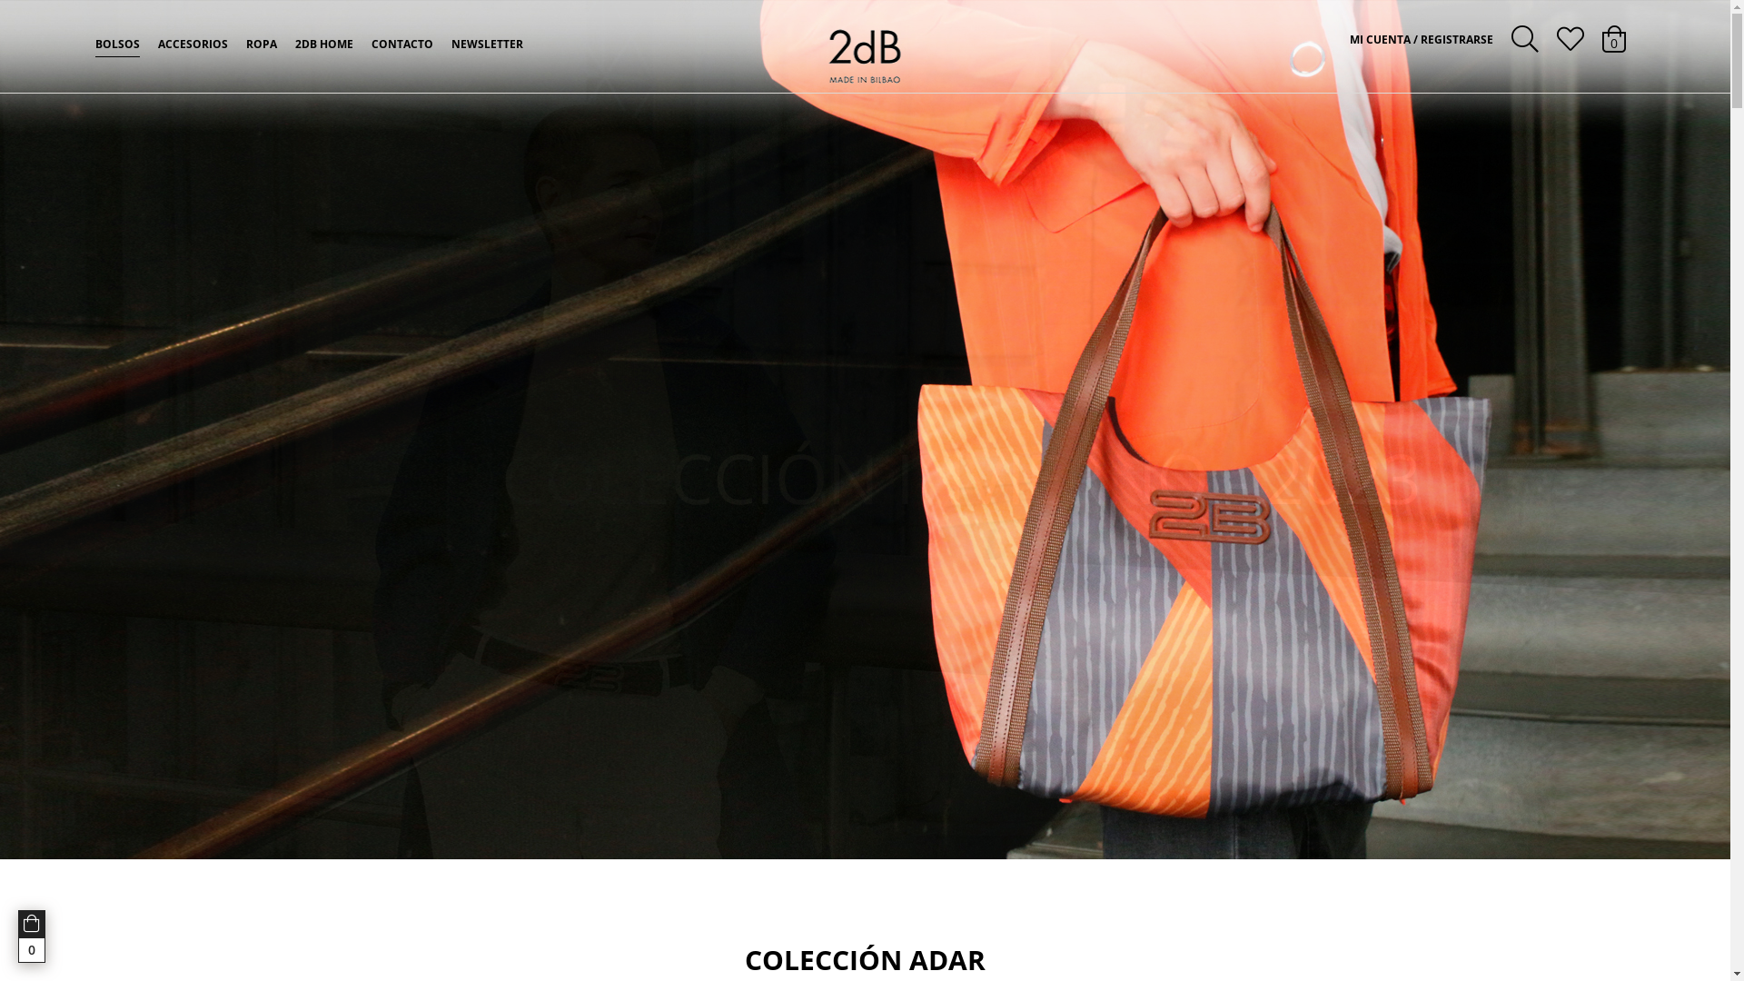 This screenshot has height=981, width=1744. What do you see at coordinates (1455, 39) in the screenshot?
I see `' REGISTRARSE'` at bounding box center [1455, 39].